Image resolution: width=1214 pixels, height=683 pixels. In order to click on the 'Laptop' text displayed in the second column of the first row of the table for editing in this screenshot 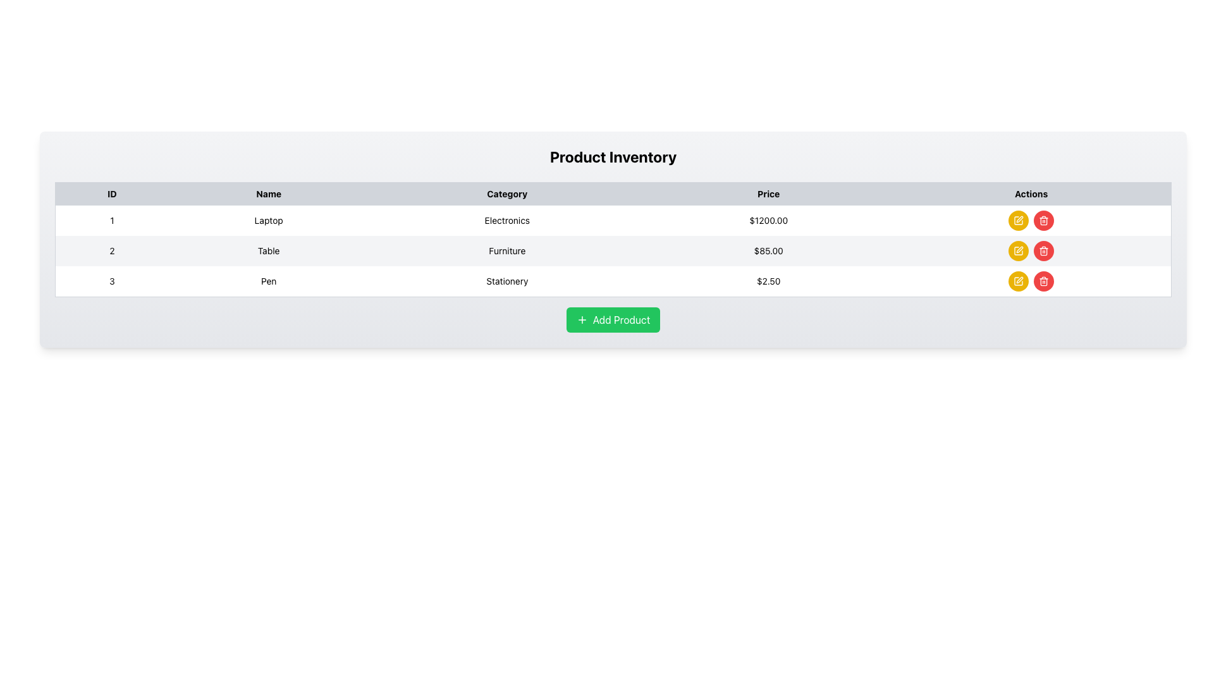, I will do `click(268, 219)`.